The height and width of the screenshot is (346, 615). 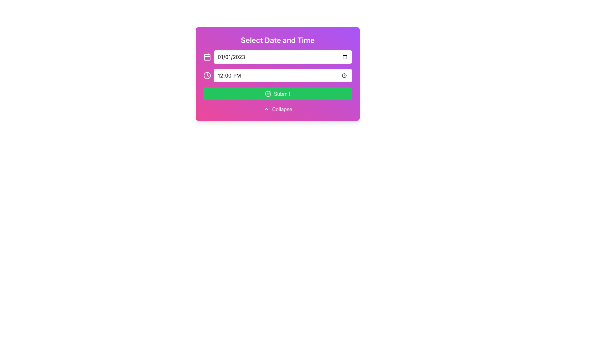 What do you see at coordinates (207, 75) in the screenshot?
I see `the clock icon, which serves as a visual cue for the time input field` at bounding box center [207, 75].